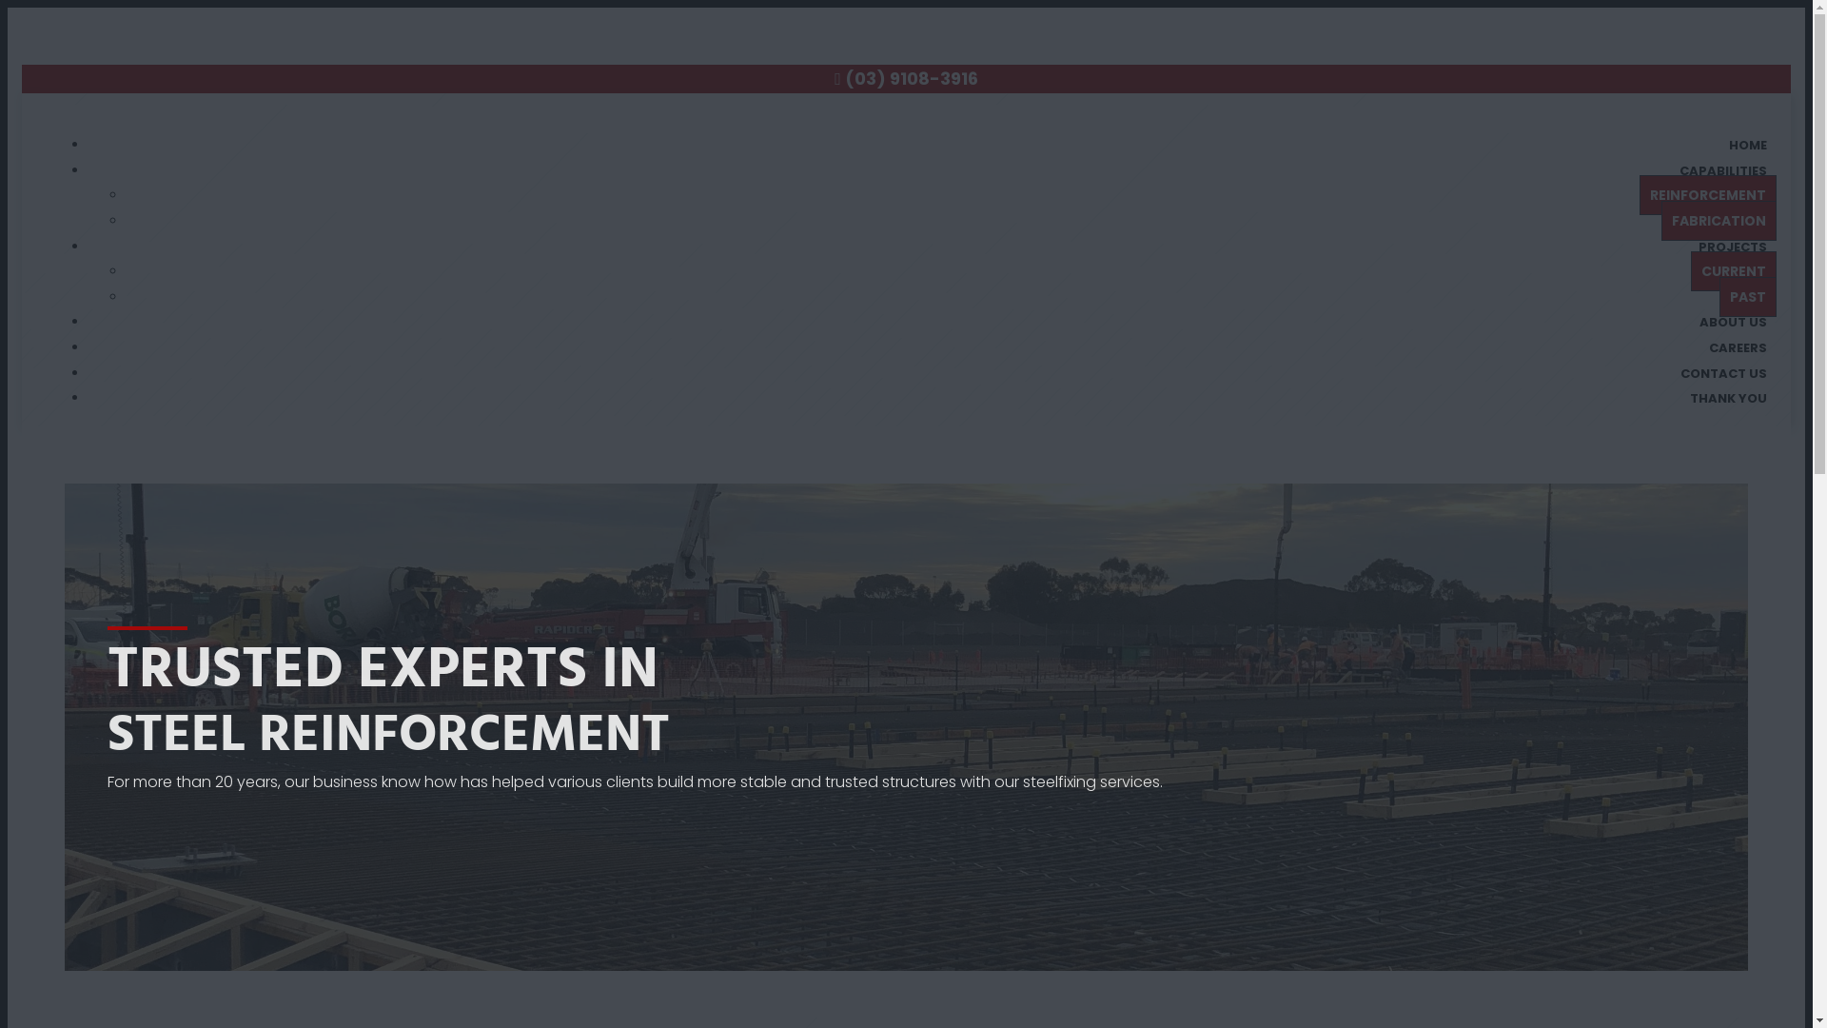 This screenshot has height=1028, width=1827. What do you see at coordinates (1733, 321) in the screenshot?
I see `'ABOUT US'` at bounding box center [1733, 321].